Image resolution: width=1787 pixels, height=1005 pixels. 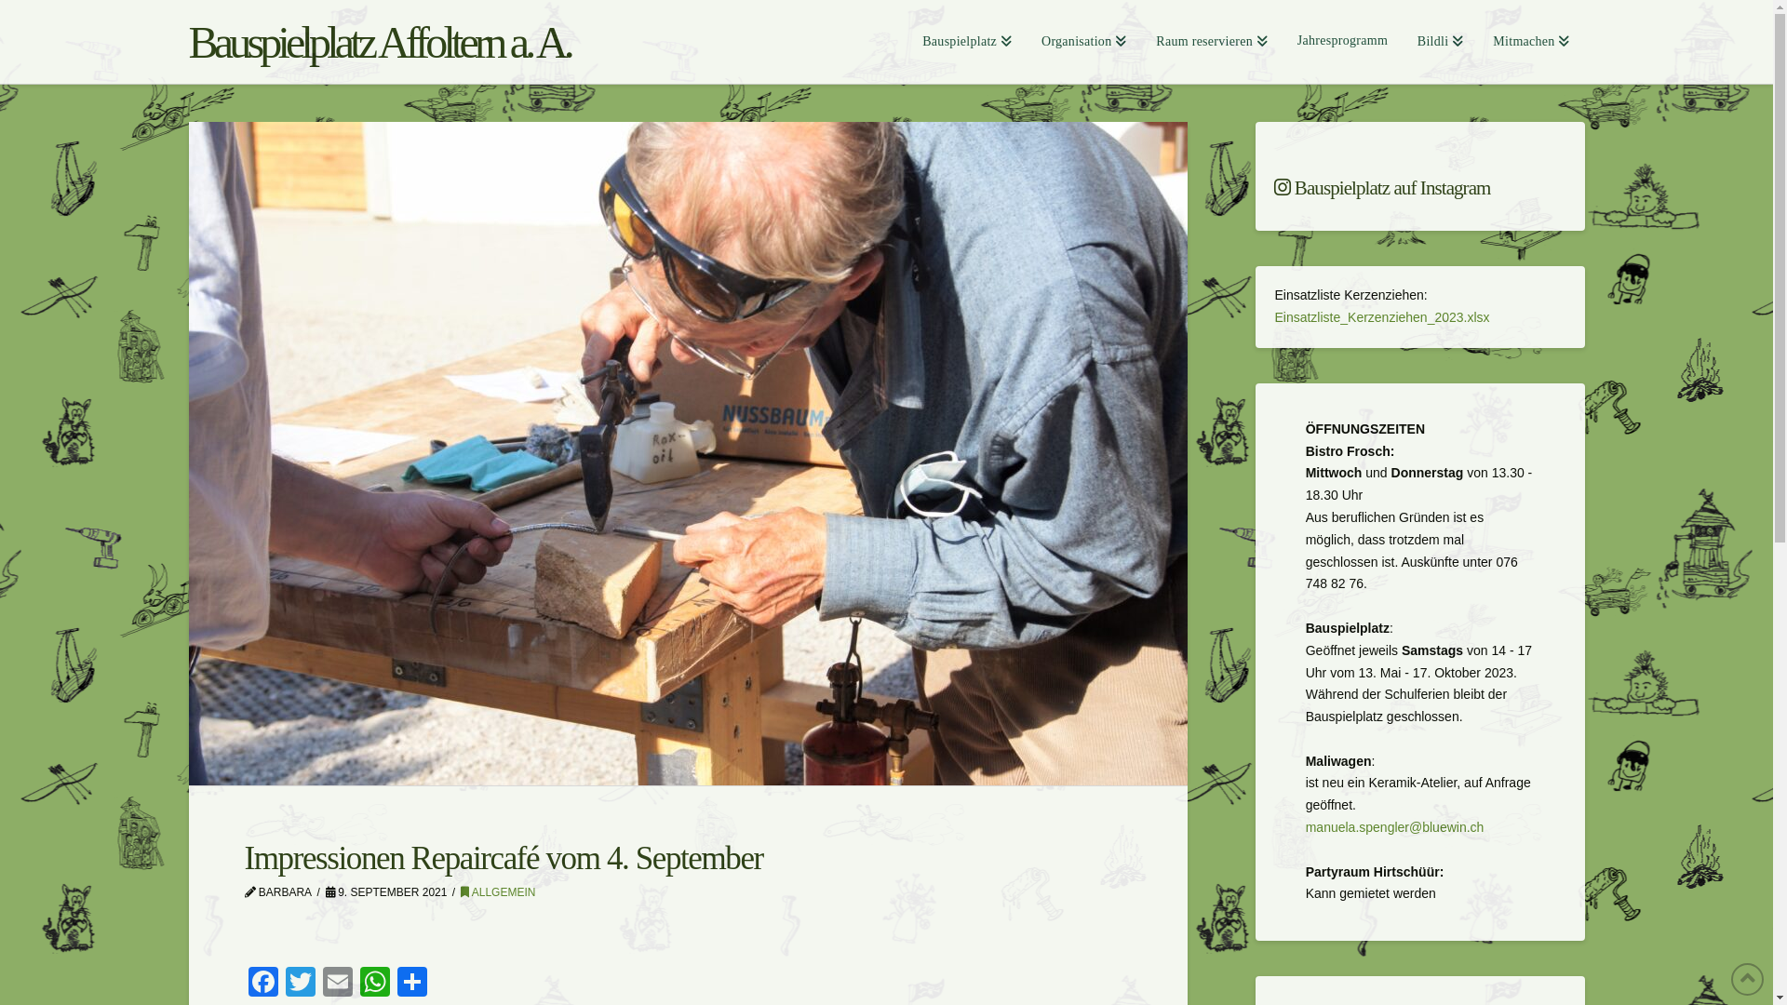 I want to click on 'Twitter', so click(x=299, y=983).